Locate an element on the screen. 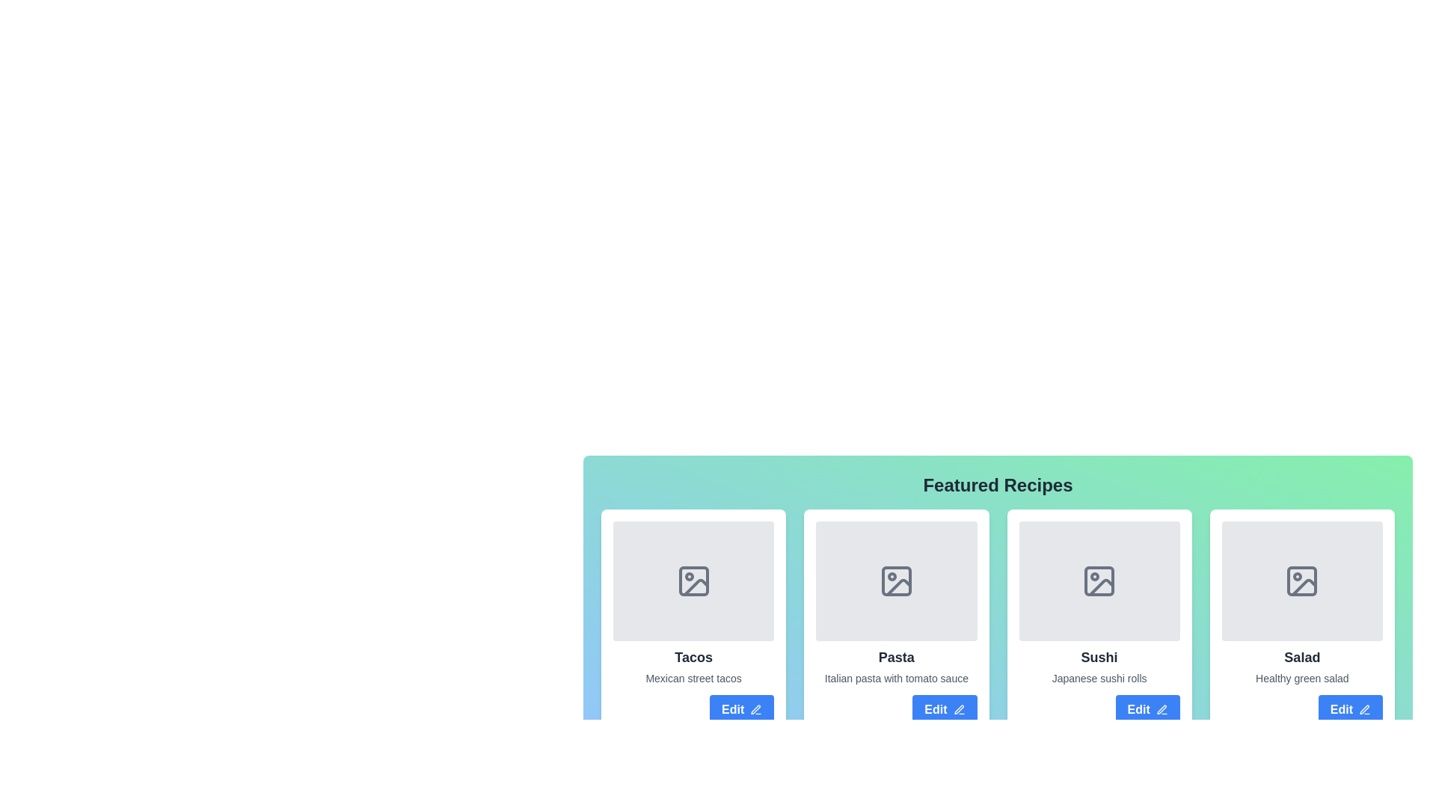 The height and width of the screenshot is (808, 1436). the third 'Edit' button located below the 'Sushi' recipe card in the 'Featured Recipes' section is located at coordinates (1147, 708).